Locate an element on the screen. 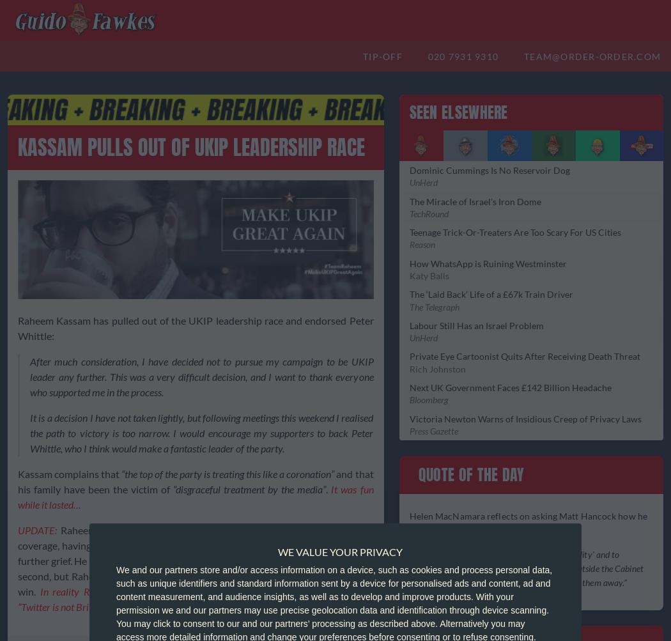 This screenshot has height=641, width=671. 'and that his family have been the victim of' is located at coordinates (195, 480).